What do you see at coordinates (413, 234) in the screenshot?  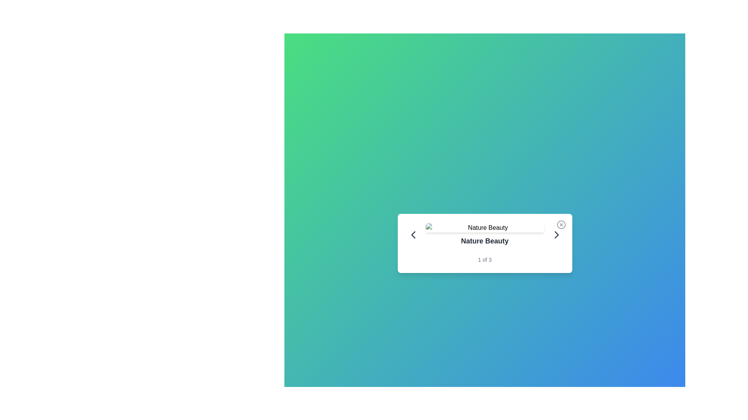 I see `the left-chevron icon which is part of a navigation button located on the left side of a grouped component to trigger hover effects` at bounding box center [413, 234].